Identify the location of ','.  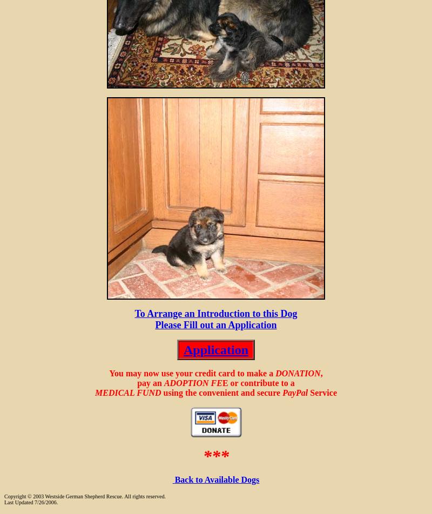
(319, 373).